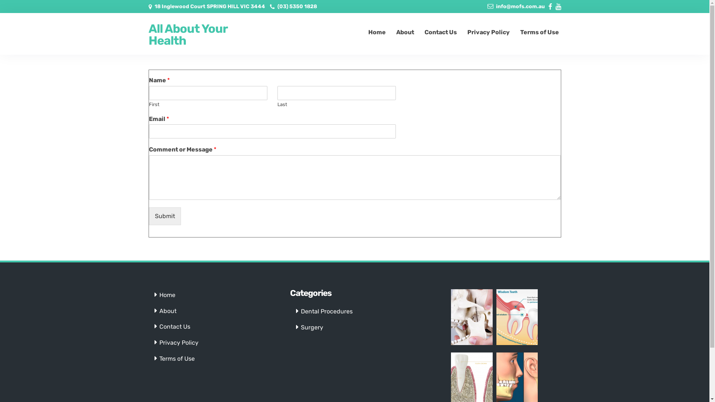 Image resolution: width=715 pixels, height=402 pixels. What do you see at coordinates (327, 311) in the screenshot?
I see `'Dental Procedures'` at bounding box center [327, 311].